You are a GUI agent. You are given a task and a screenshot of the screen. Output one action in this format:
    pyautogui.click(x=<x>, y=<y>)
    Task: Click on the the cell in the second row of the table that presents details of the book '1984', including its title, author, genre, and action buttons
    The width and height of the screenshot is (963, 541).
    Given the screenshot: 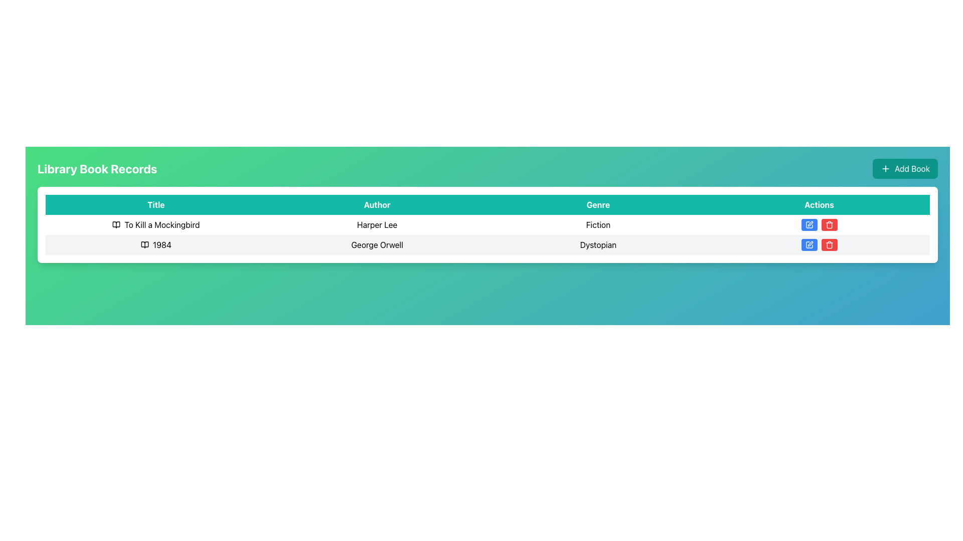 What is the action you would take?
    pyautogui.click(x=488, y=235)
    